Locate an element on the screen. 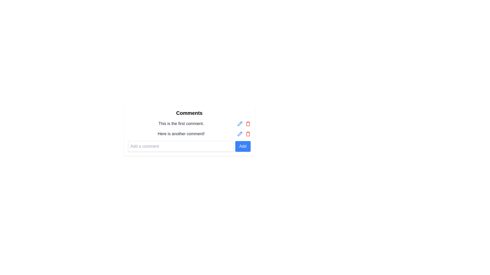 The height and width of the screenshot is (275, 490). the blue button labeled 'Add' to change its background color, located in the comment submission area on the right side of the text input field is located at coordinates (242, 146).